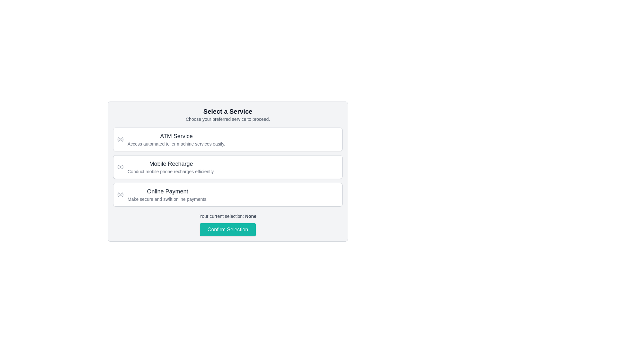 The image size is (617, 347). What do you see at coordinates (171, 167) in the screenshot?
I see `the 'Mobile Recharge' text block within the selectable card to interact with it` at bounding box center [171, 167].